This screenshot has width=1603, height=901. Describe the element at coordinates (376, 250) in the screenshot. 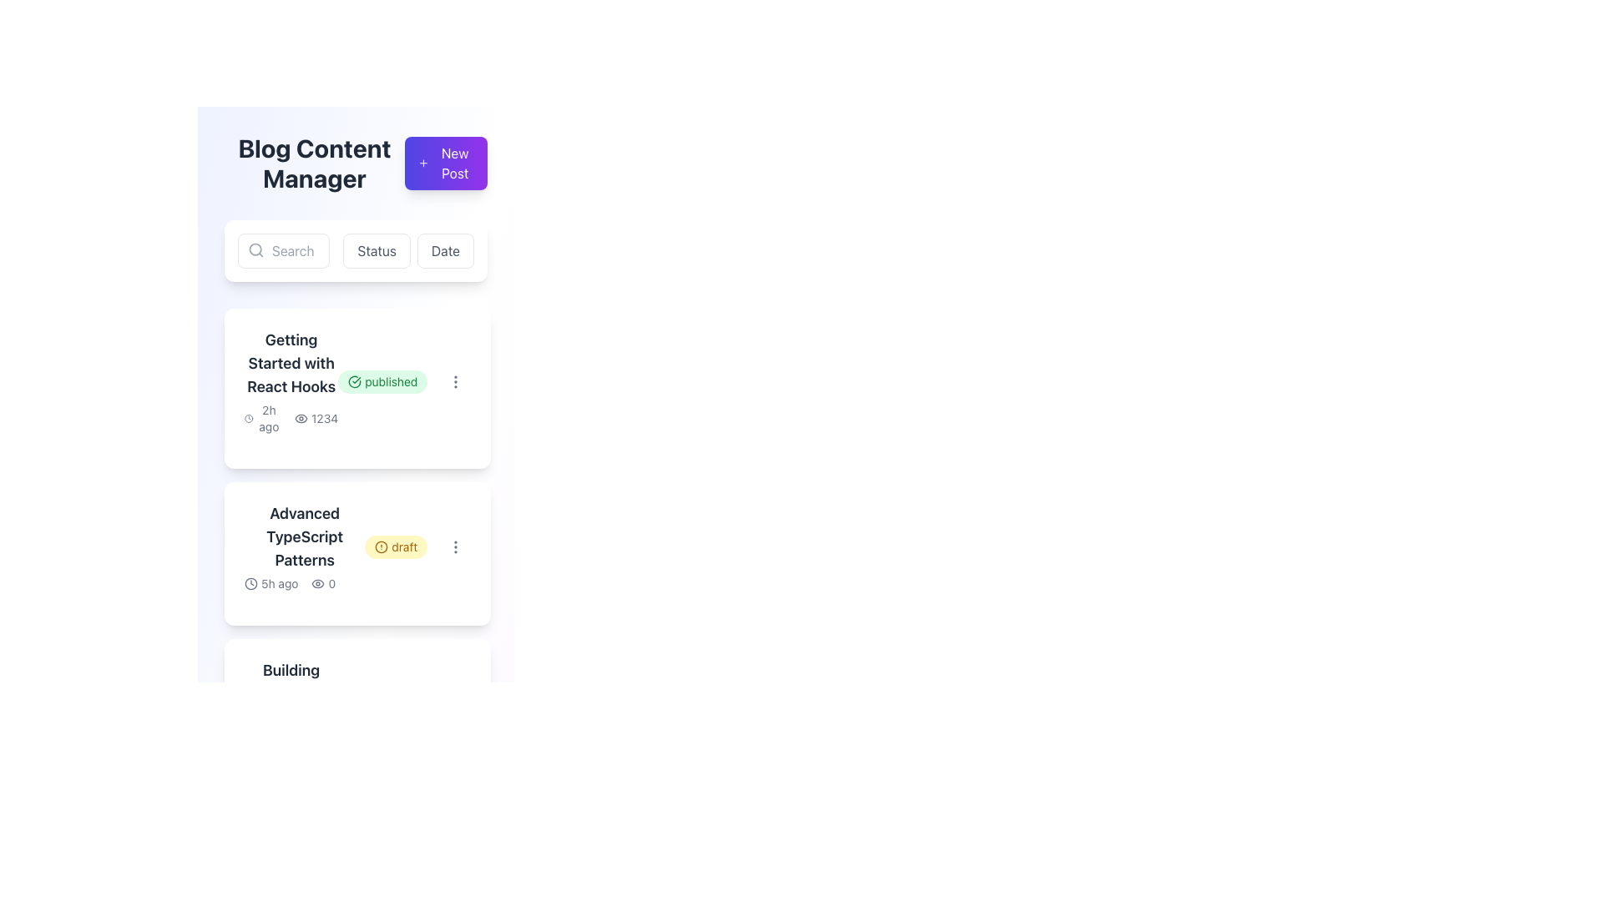

I see `the 'Status' button, which is a rectangular button with rounded corners displaying the text 'Status' in medium-gray font` at that location.